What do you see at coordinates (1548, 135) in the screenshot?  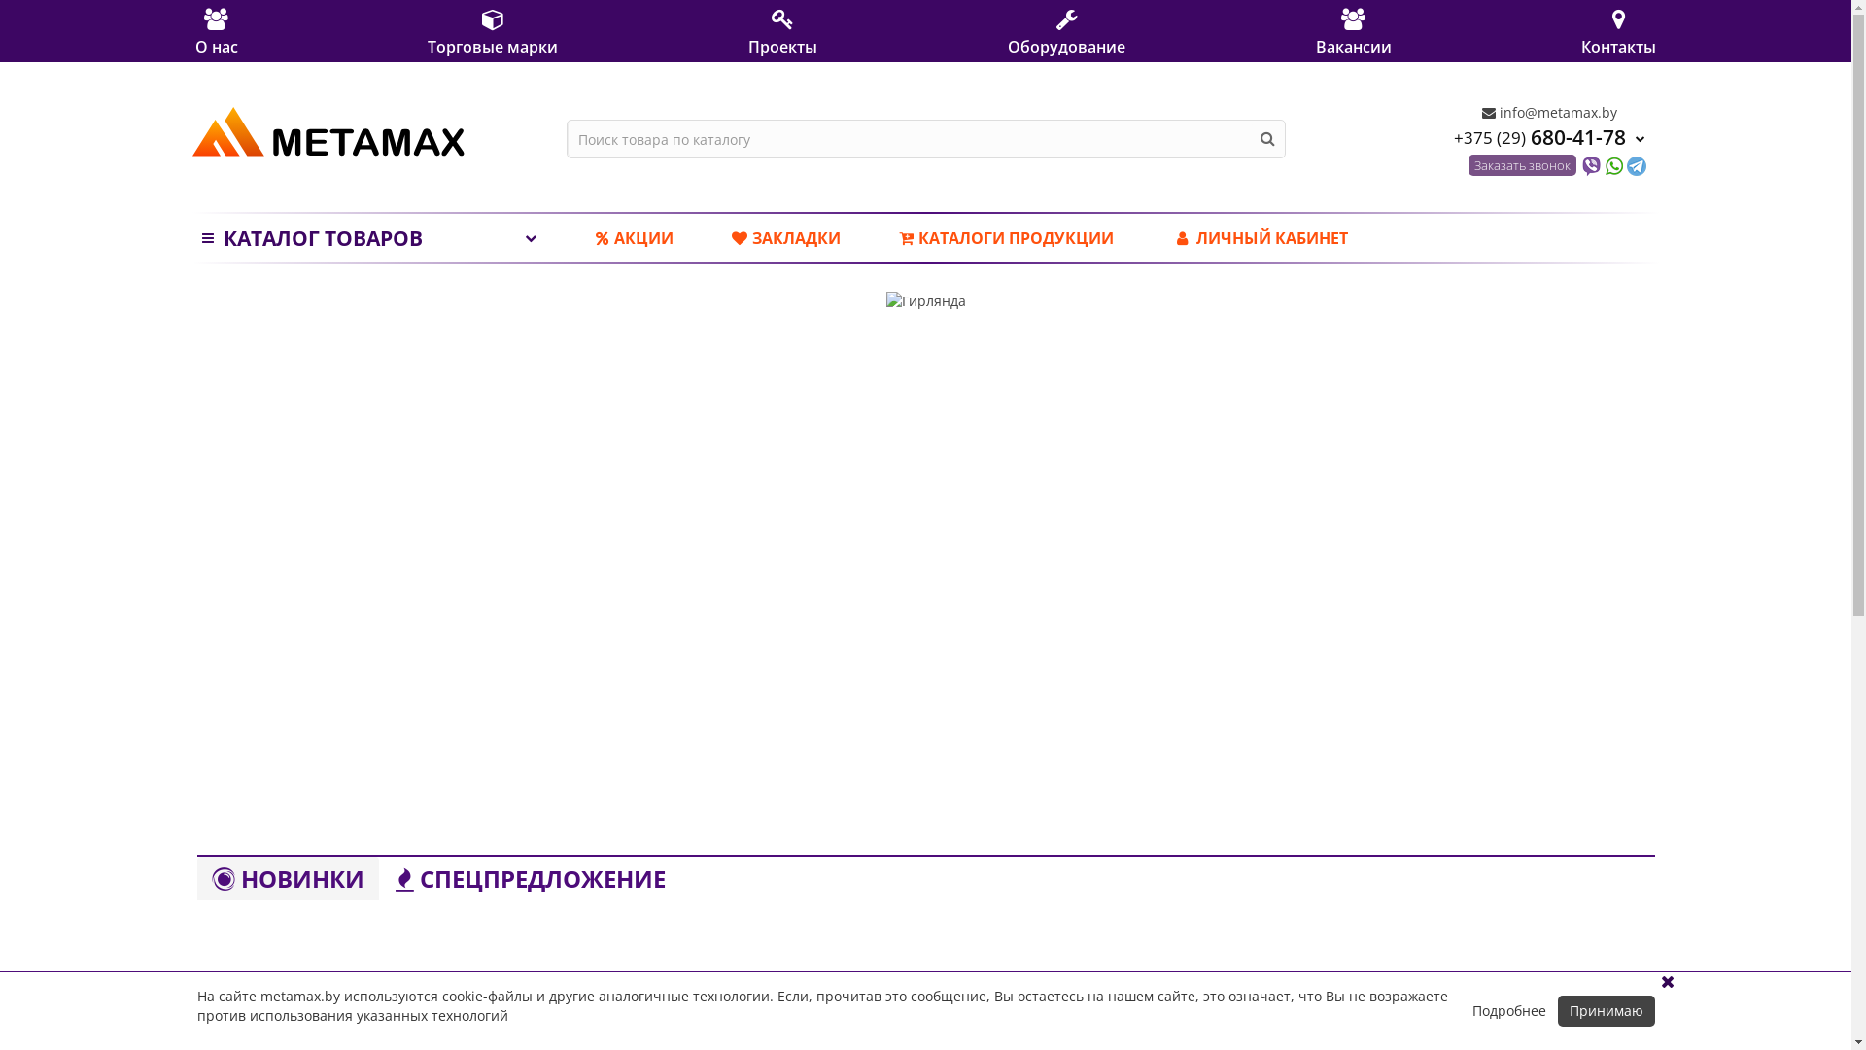 I see `'+375 (29) 680-41-78'` at bounding box center [1548, 135].